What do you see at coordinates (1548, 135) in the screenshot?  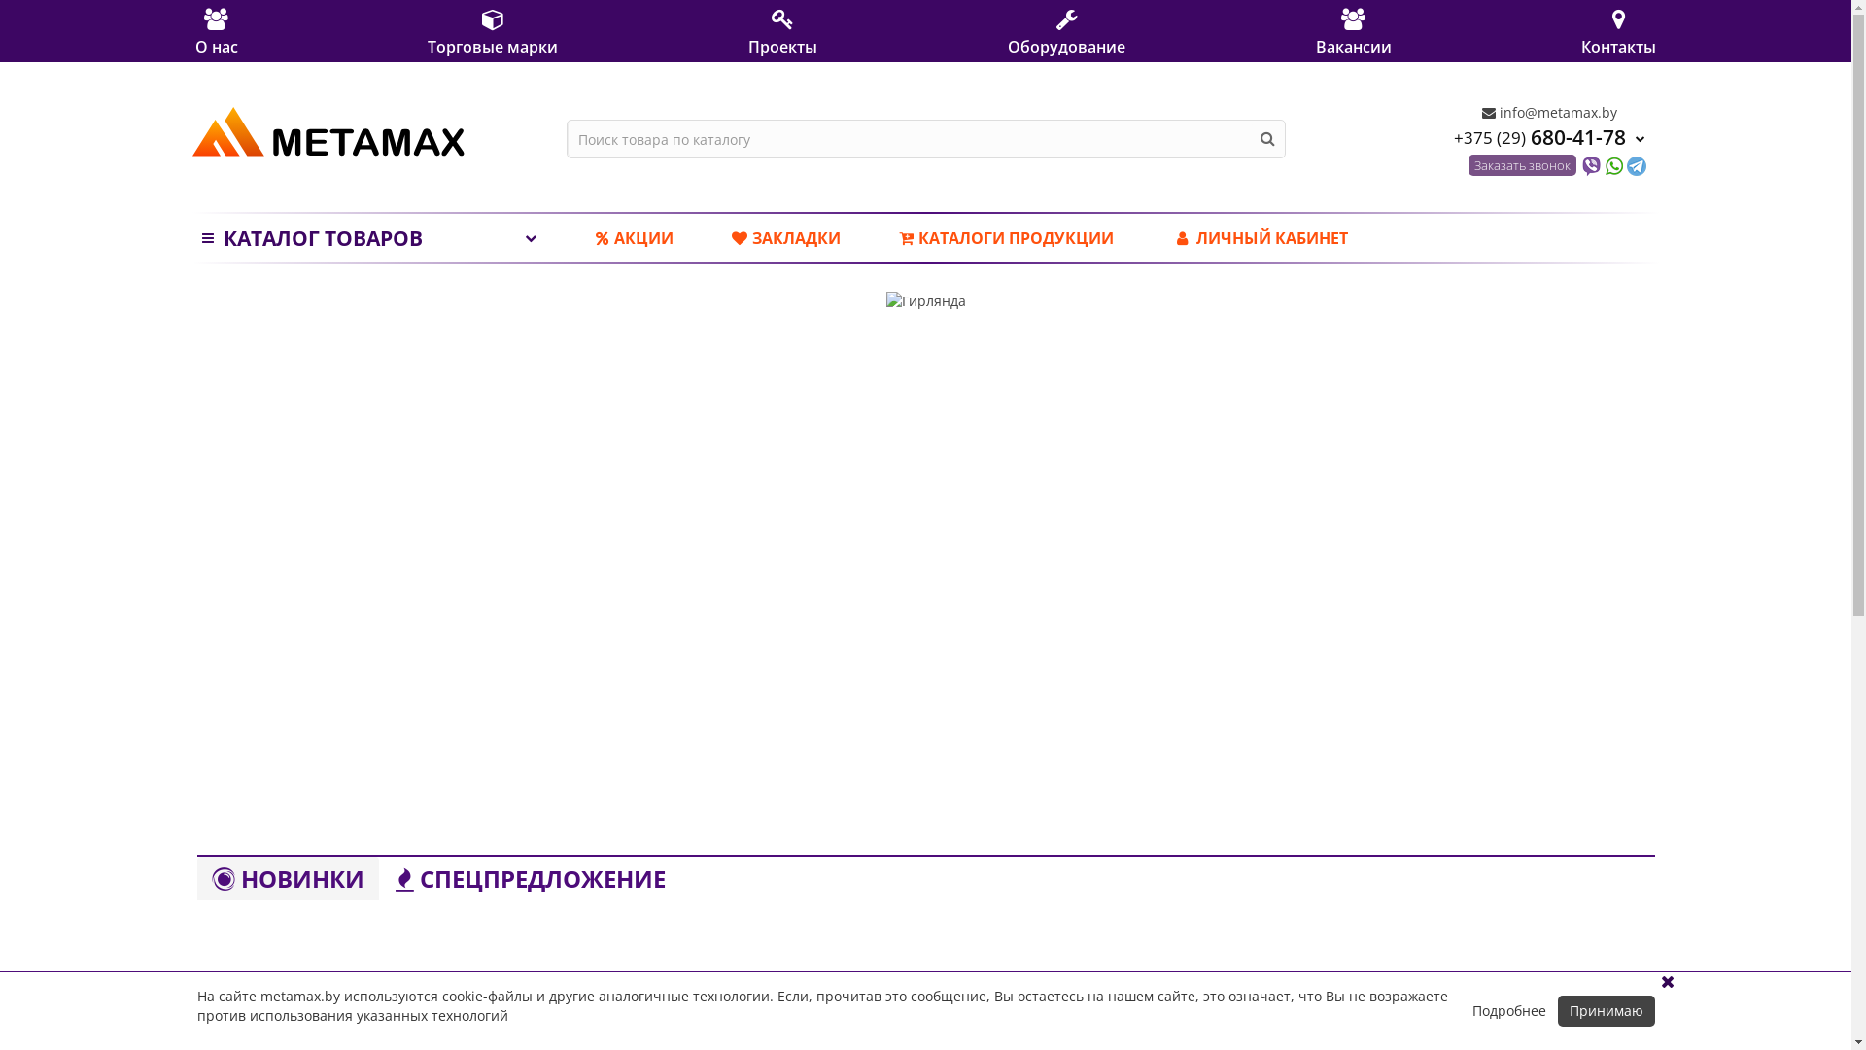 I see `'+375 (29) 680-41-78'` at bounding box center [1548, 135].